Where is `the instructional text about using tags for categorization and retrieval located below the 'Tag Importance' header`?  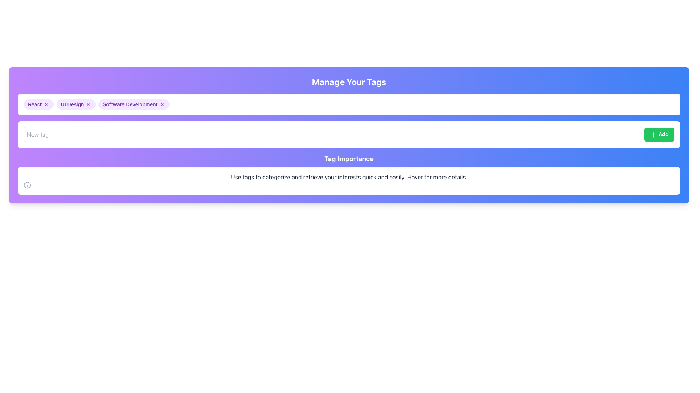
the instructional text about using tags for categorization and retrieval located below the 'Tag Importance' header is located at coordinates (349, 177).